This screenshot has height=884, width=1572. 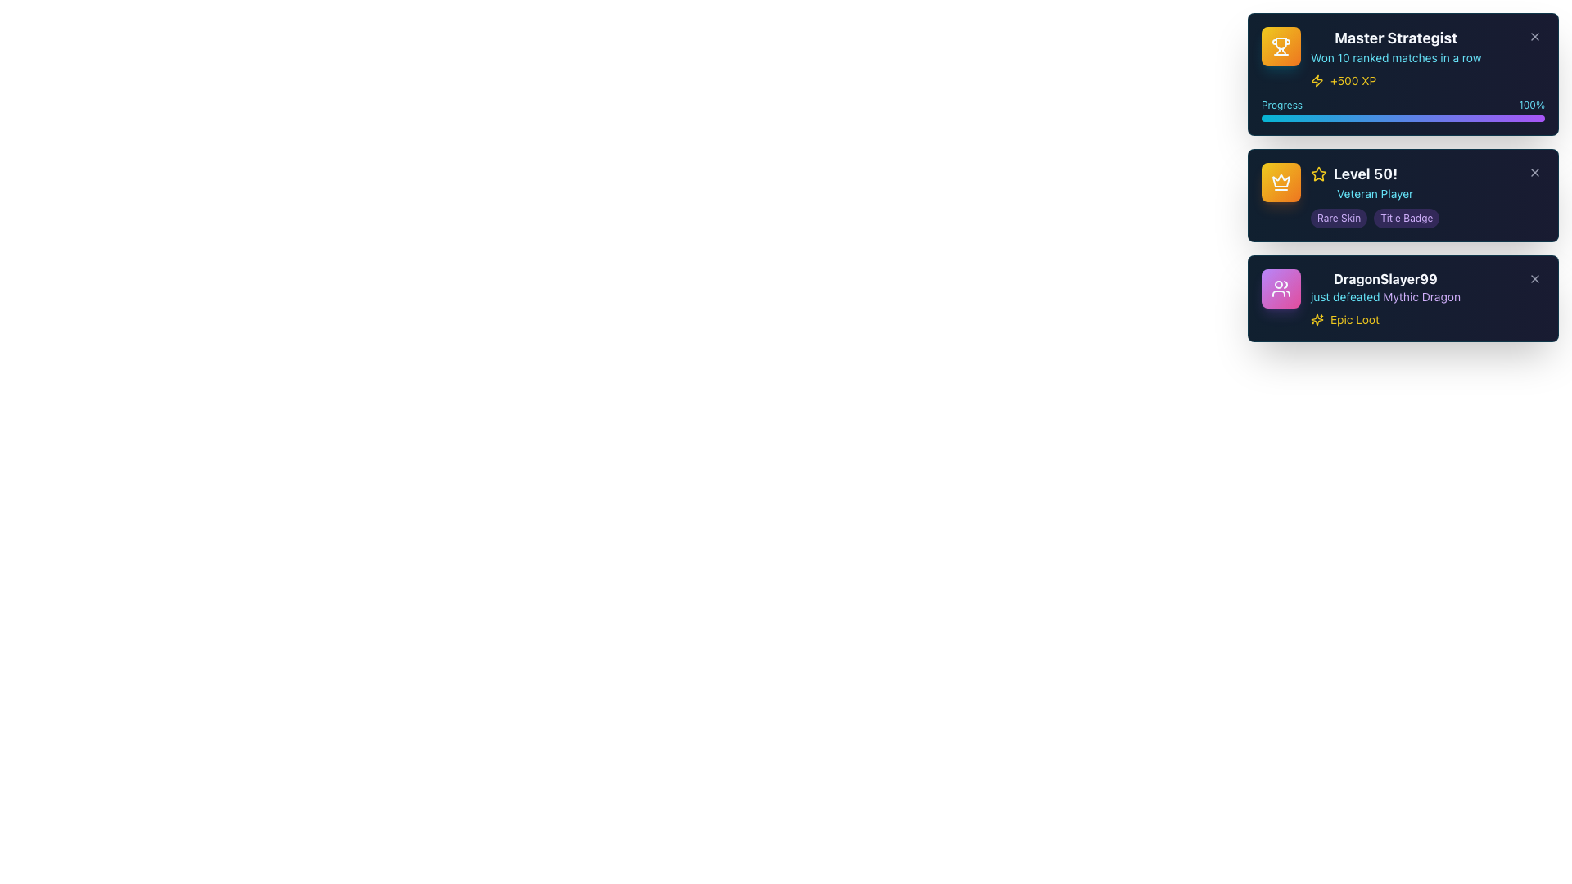 What do you see at coordinates (1402, 110) in the screenshot?
I see `the Progress Bar located within the 'Master Strategist' card, which features a gradient color scheme from cyan to purple and displays 'Progress' on the left and '100%' on the right` at bounding box center [1402, 110].